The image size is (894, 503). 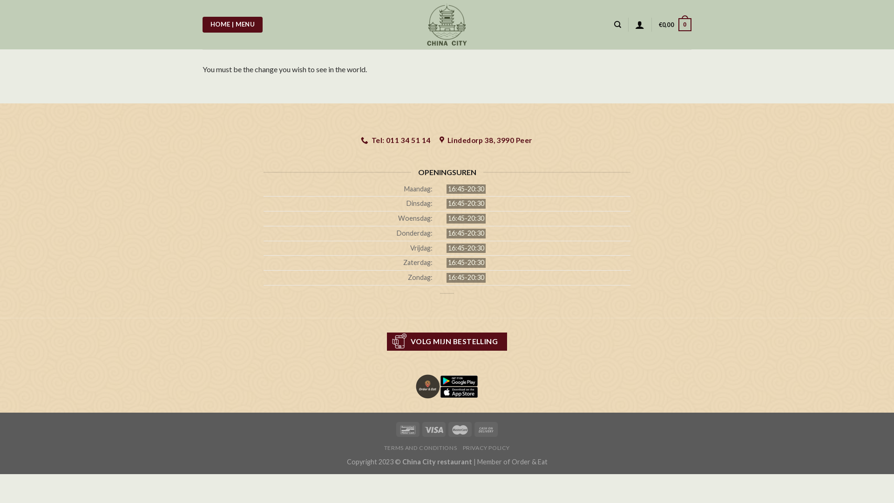 What do you see at coordinates (511, 462) in the screenshot?
I see `'Order & Eat'` at bounding box center [511, 462].